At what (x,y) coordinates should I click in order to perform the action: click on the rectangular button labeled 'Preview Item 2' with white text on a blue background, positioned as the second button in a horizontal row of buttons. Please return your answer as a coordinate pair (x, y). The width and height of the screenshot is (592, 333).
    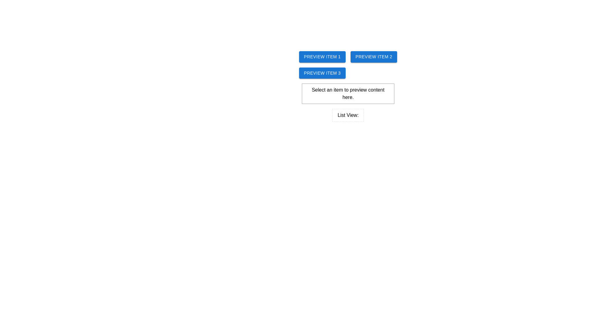
    Looking at the image, I should click on (373, 57).